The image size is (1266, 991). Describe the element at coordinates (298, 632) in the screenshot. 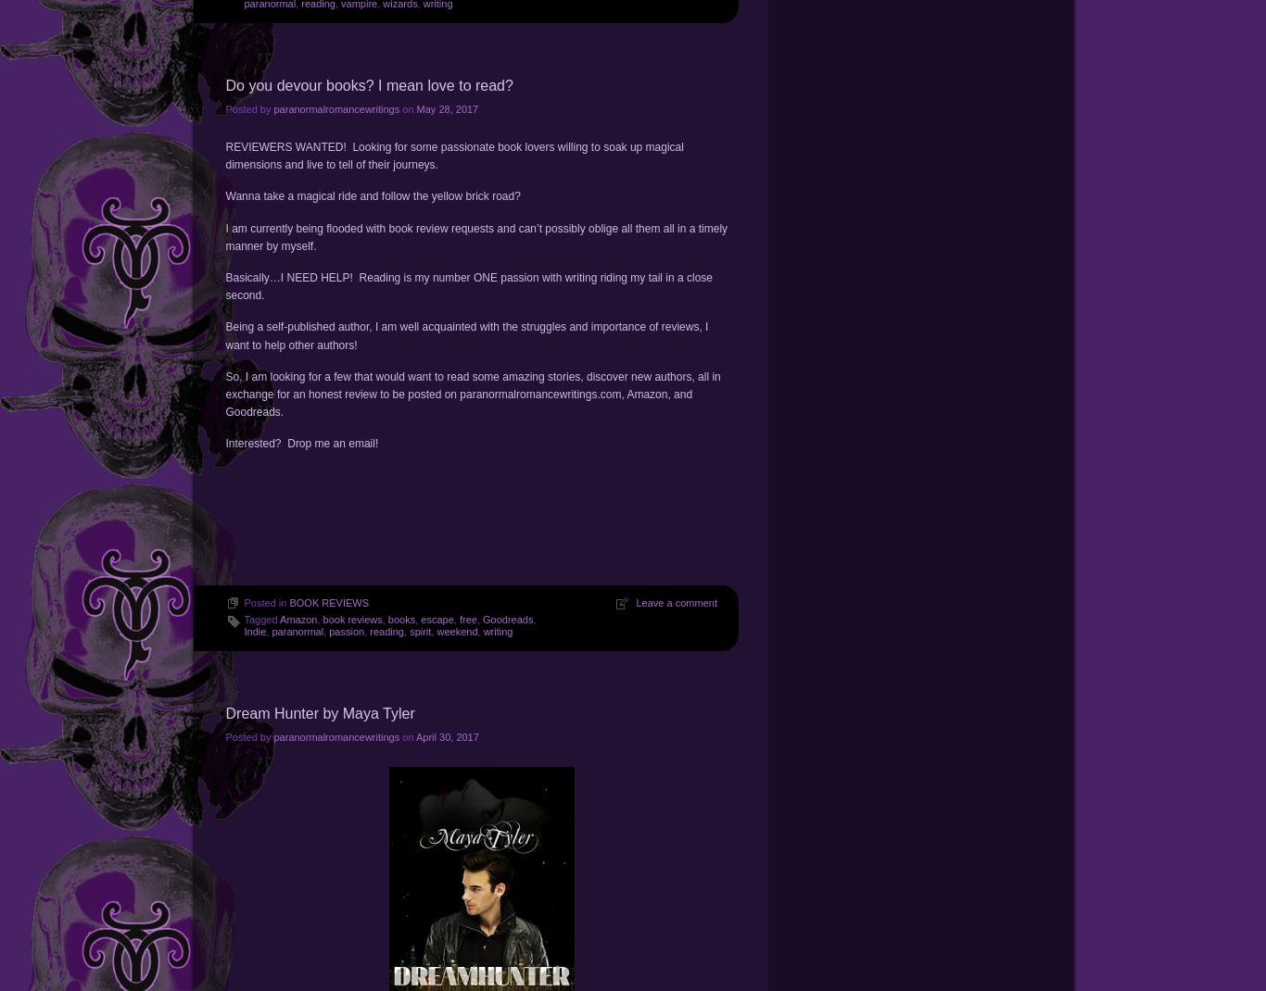

I see `'paranormal'` at that location.